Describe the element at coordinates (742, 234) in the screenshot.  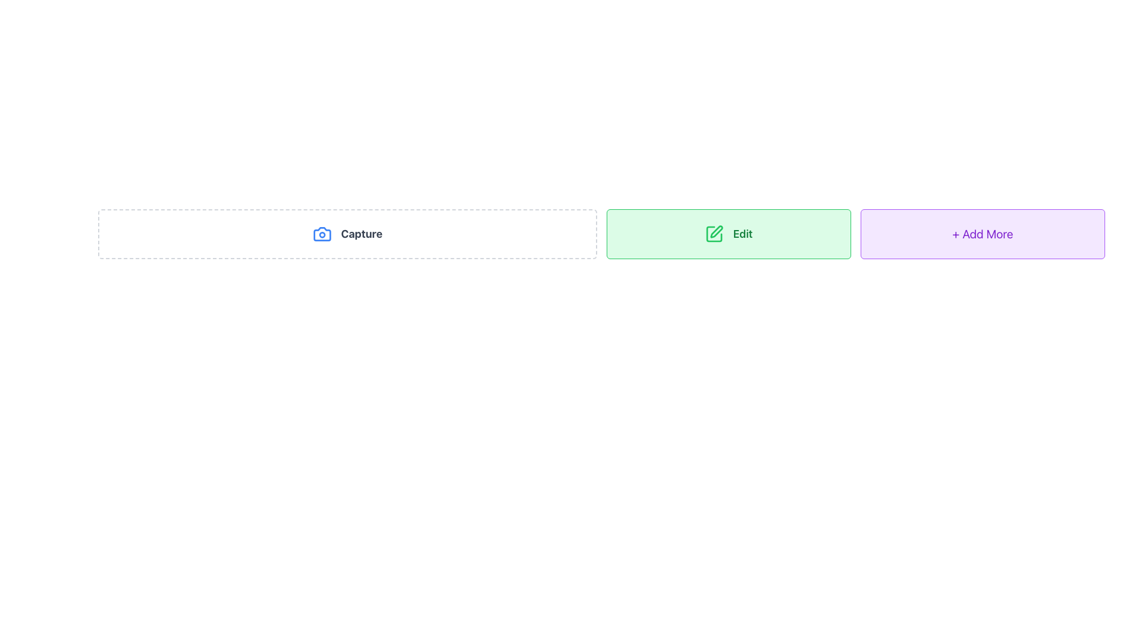
I see `the 'Edit' label, which is a bold green text located within a green rectangular section, positioned adjacent to a pen icon` at that location.